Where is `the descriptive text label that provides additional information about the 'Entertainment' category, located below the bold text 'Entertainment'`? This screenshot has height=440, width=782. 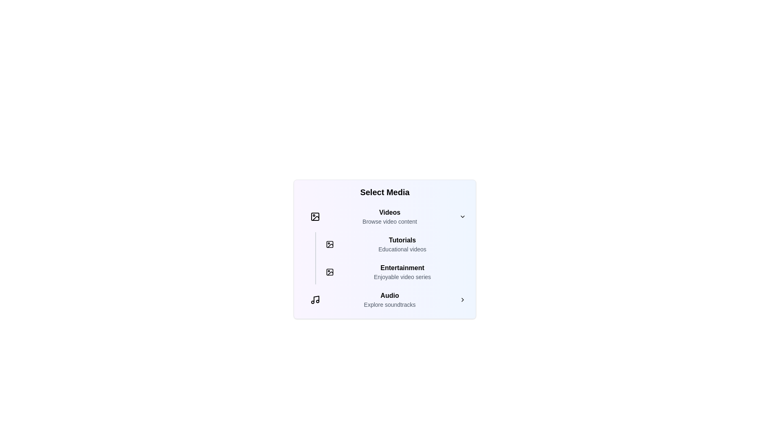 the descriptive text label that provides additional information about the 'Entertainment' category, located below the bold text 'Entertainment' is located at coordinates (402, 276).